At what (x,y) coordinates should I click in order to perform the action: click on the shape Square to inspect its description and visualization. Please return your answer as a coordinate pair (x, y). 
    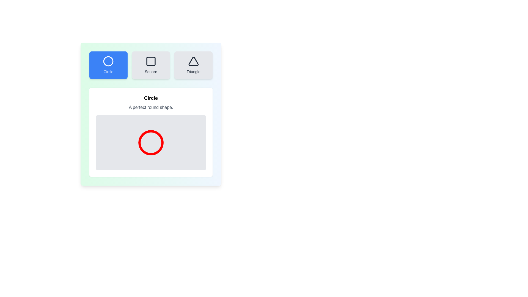
    Looking at the image, I should click on (151, 65).